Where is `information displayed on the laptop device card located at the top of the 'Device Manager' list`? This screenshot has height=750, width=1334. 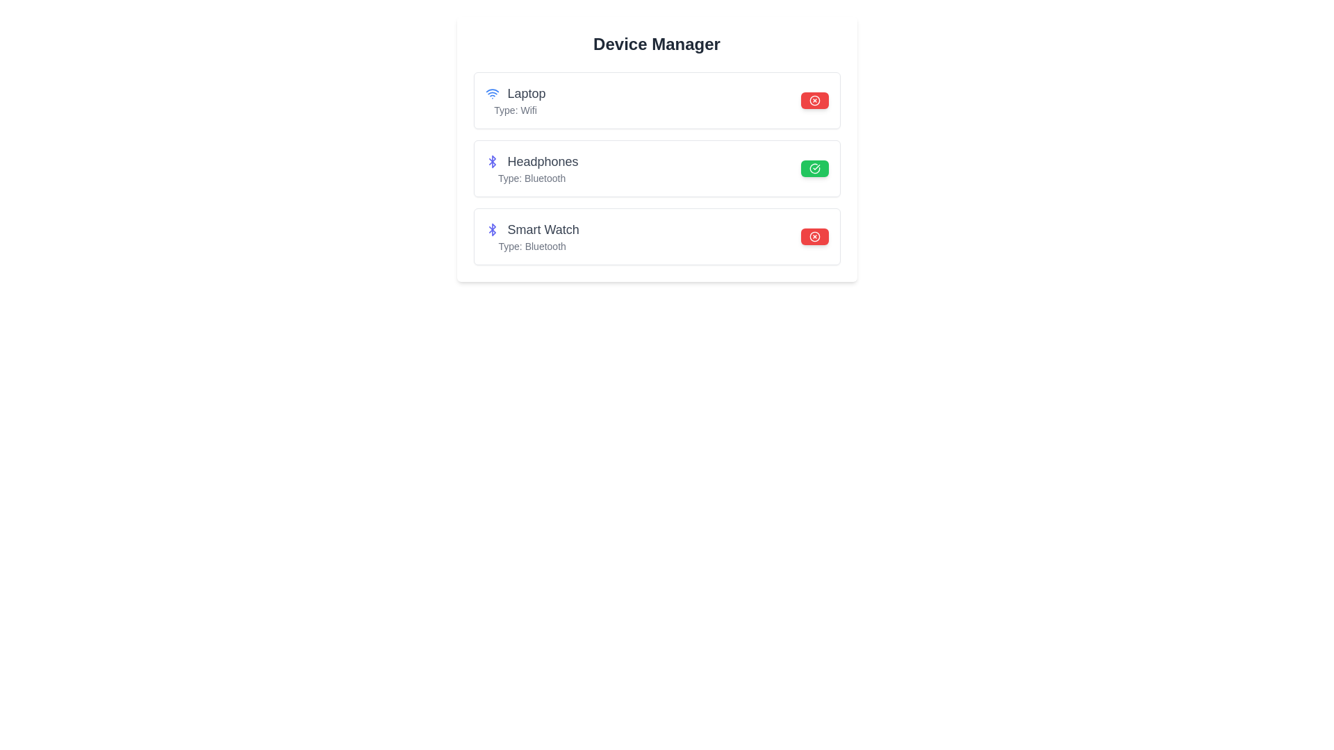 information displayed on the laptop device card located at the top of the 'Device Manager' list is located at coordinates (656, 100).